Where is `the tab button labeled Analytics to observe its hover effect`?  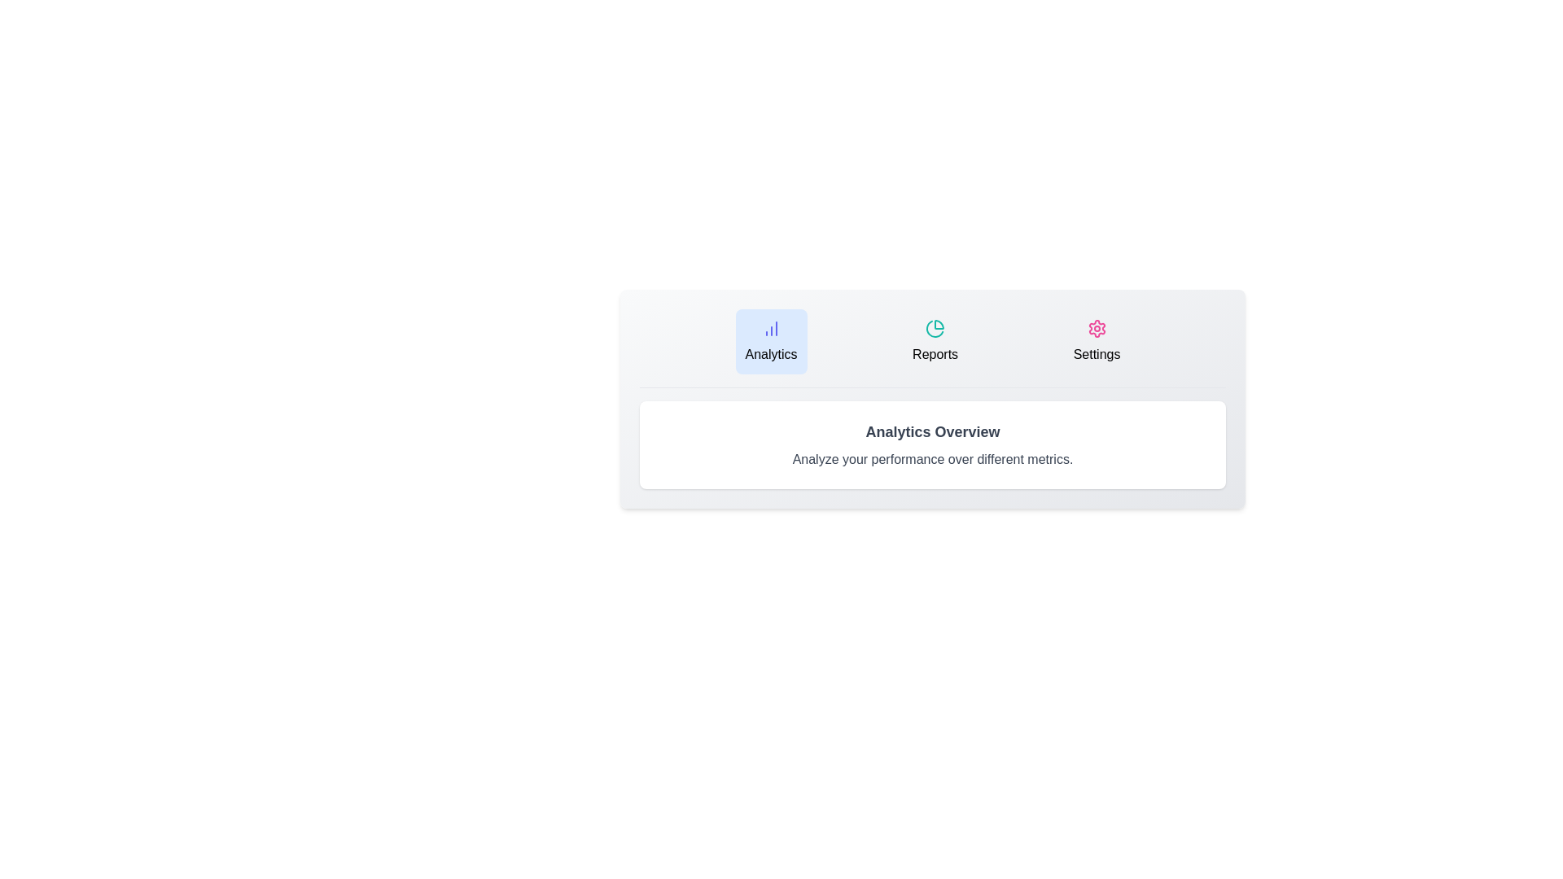
the tab button labeled Analytics to observe its hover effect is located at coordinates (770, 341).